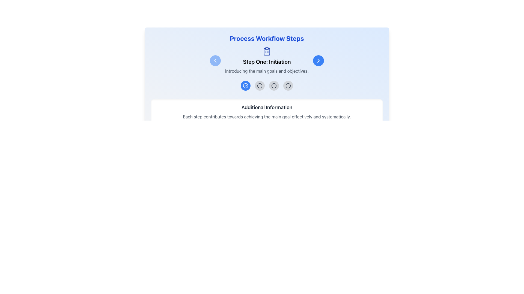  What do you see at coordinates (215, 61) in the screenshot?
I see `the navigation button that allows the user to navigate to the previous step in the workflow process` at bounding box center [215, 61].